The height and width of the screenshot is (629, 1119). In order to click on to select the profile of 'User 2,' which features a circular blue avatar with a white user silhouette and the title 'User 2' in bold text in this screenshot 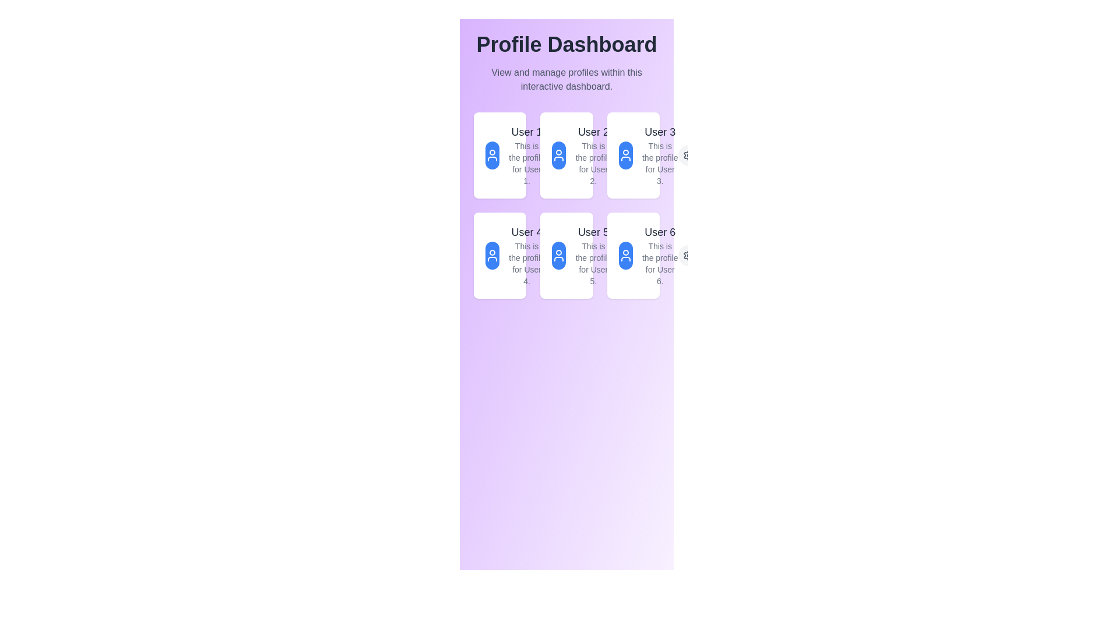, I will do `click(582, 154)`.